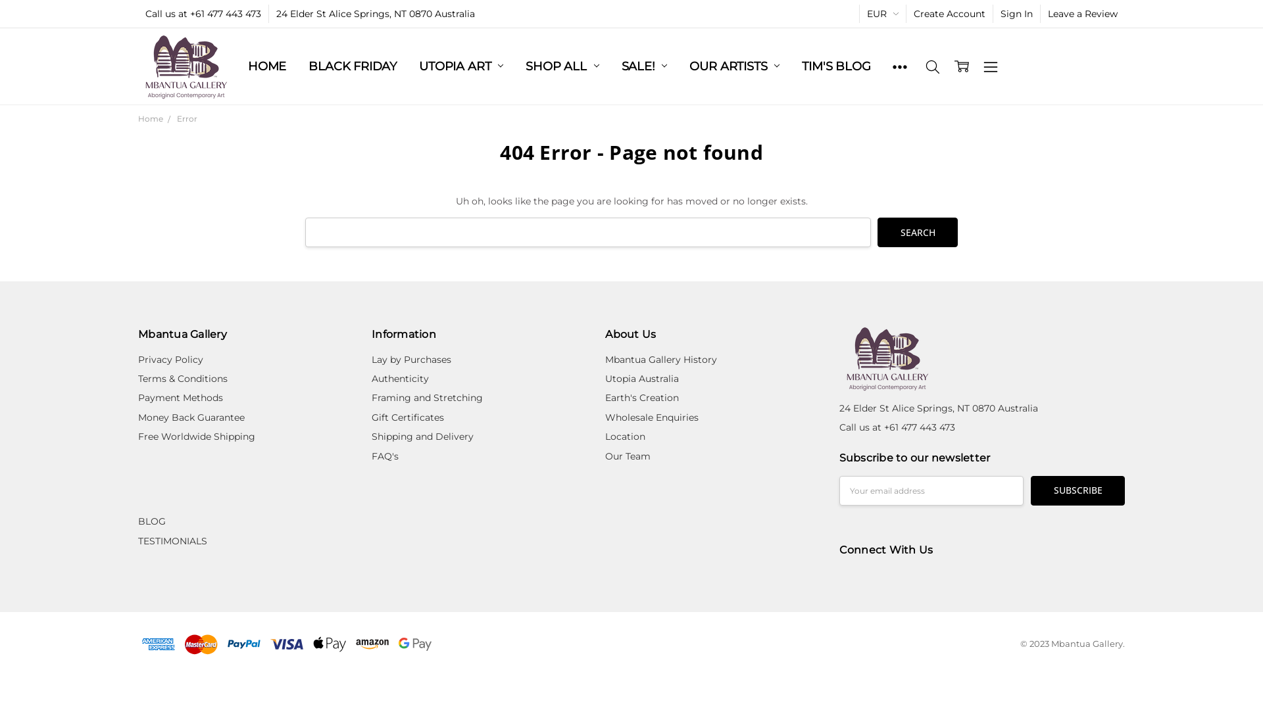 This screenshot has width=1263, height=710. Describe the element at coordinates (624, 436) in the screenshot. I see `'Location'` at that location.